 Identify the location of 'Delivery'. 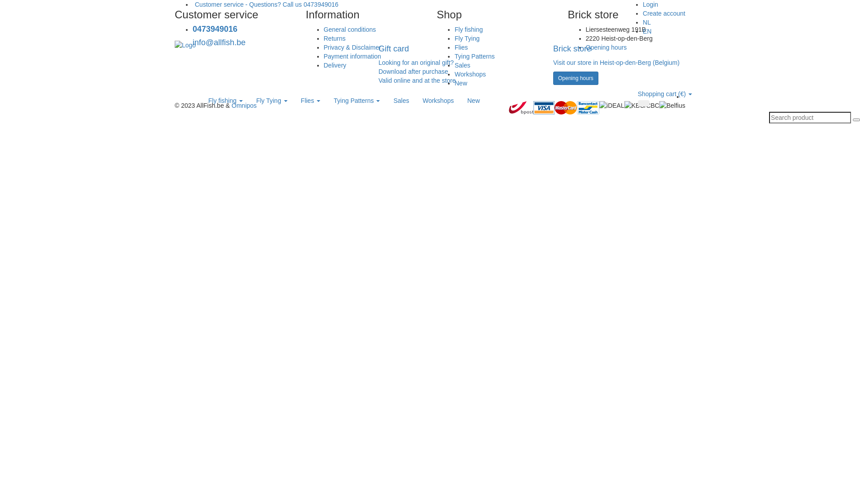
(334, 65).